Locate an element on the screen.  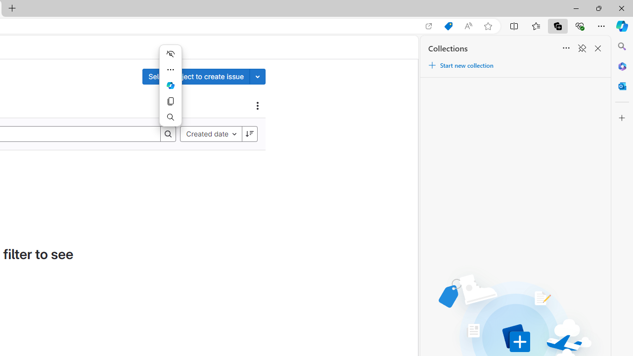
'Ask Copilot' is located at coordinates (170, 85).